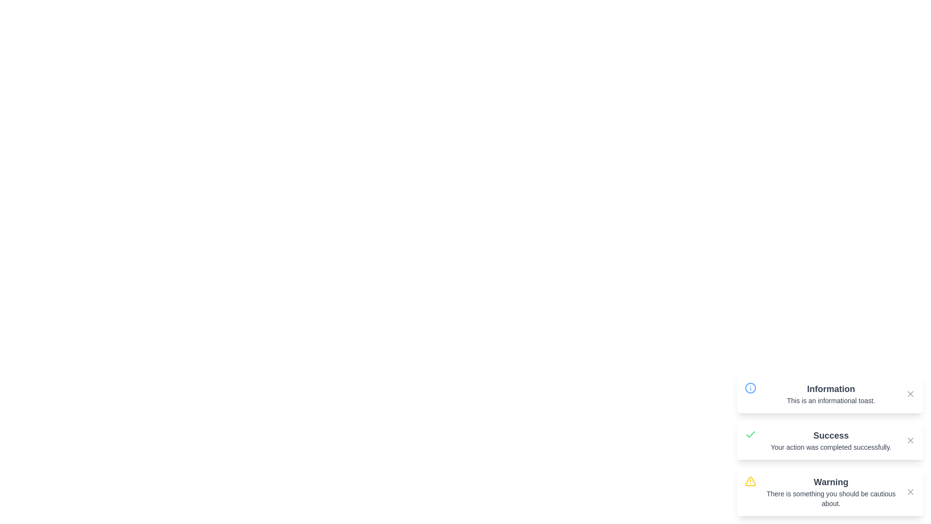 The height and width of the screenshot is (524, 931). What do you see at coordinates (830, 447) in the screenshot?
I see `text label displaying 'Your action was completed successfully.' located within the 'Success' notification box` at bounding box center [830, 447].